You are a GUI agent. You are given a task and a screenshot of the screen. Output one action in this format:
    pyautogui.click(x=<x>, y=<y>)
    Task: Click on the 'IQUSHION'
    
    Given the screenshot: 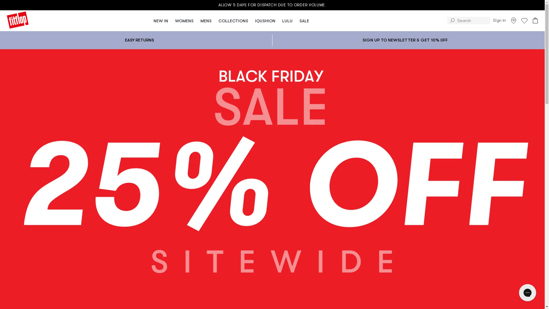 What is the action you would take?
    pyautogui.click(x=251, y=20)
    